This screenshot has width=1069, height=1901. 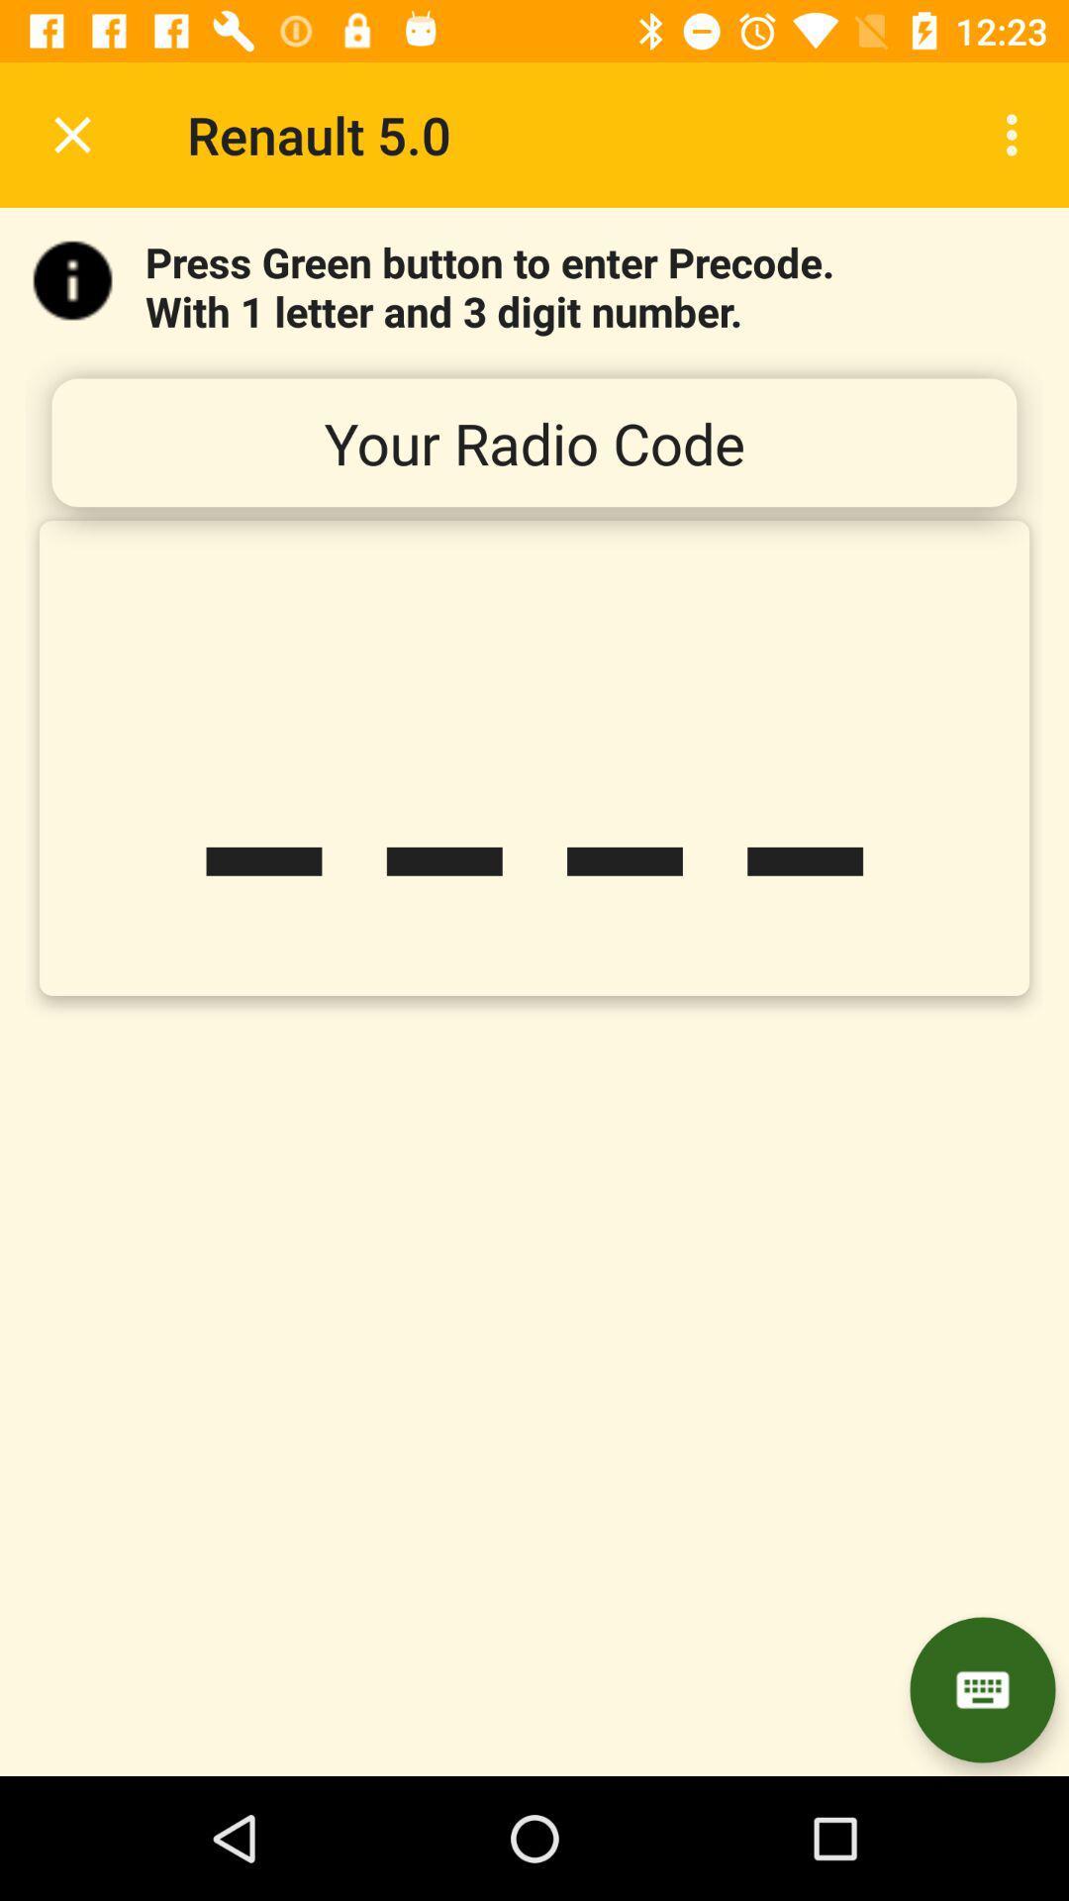 What do you see at coordinates (982, 1689) in the screenshot?
I see `open keyboard` at bounding box center [982, 1689].